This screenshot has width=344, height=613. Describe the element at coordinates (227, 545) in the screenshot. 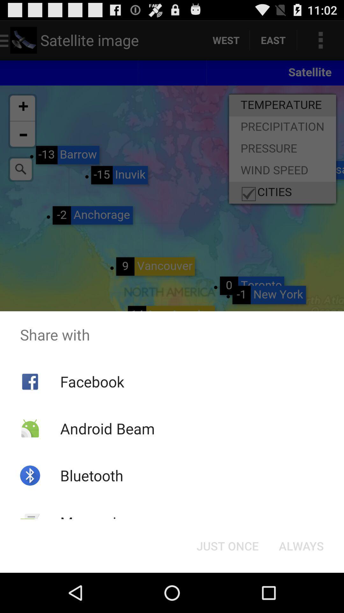

I see `the icon to the left of the always button` at that location.